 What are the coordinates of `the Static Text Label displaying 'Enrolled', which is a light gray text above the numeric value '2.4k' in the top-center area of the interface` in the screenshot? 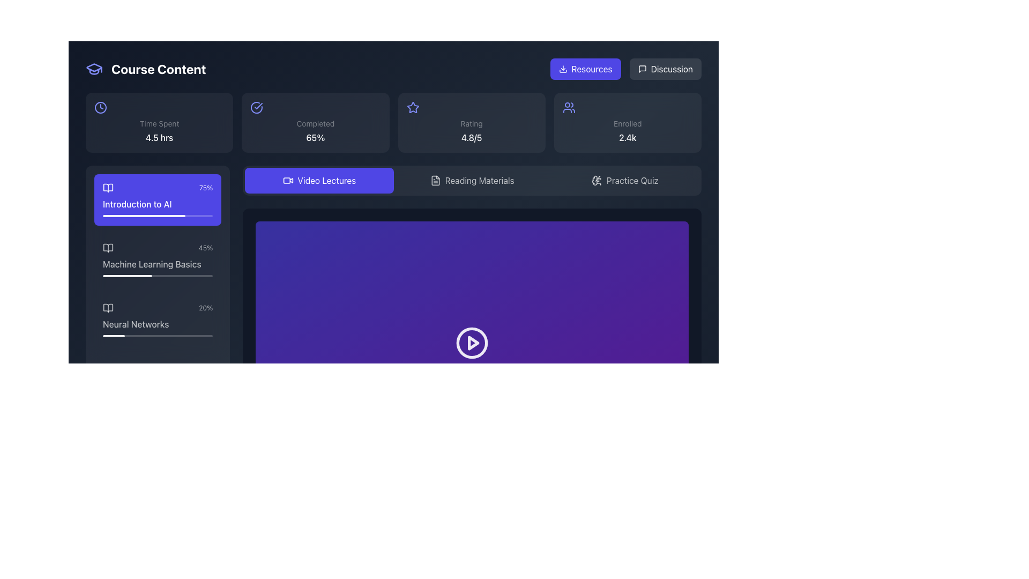 It's located at (628, 123).